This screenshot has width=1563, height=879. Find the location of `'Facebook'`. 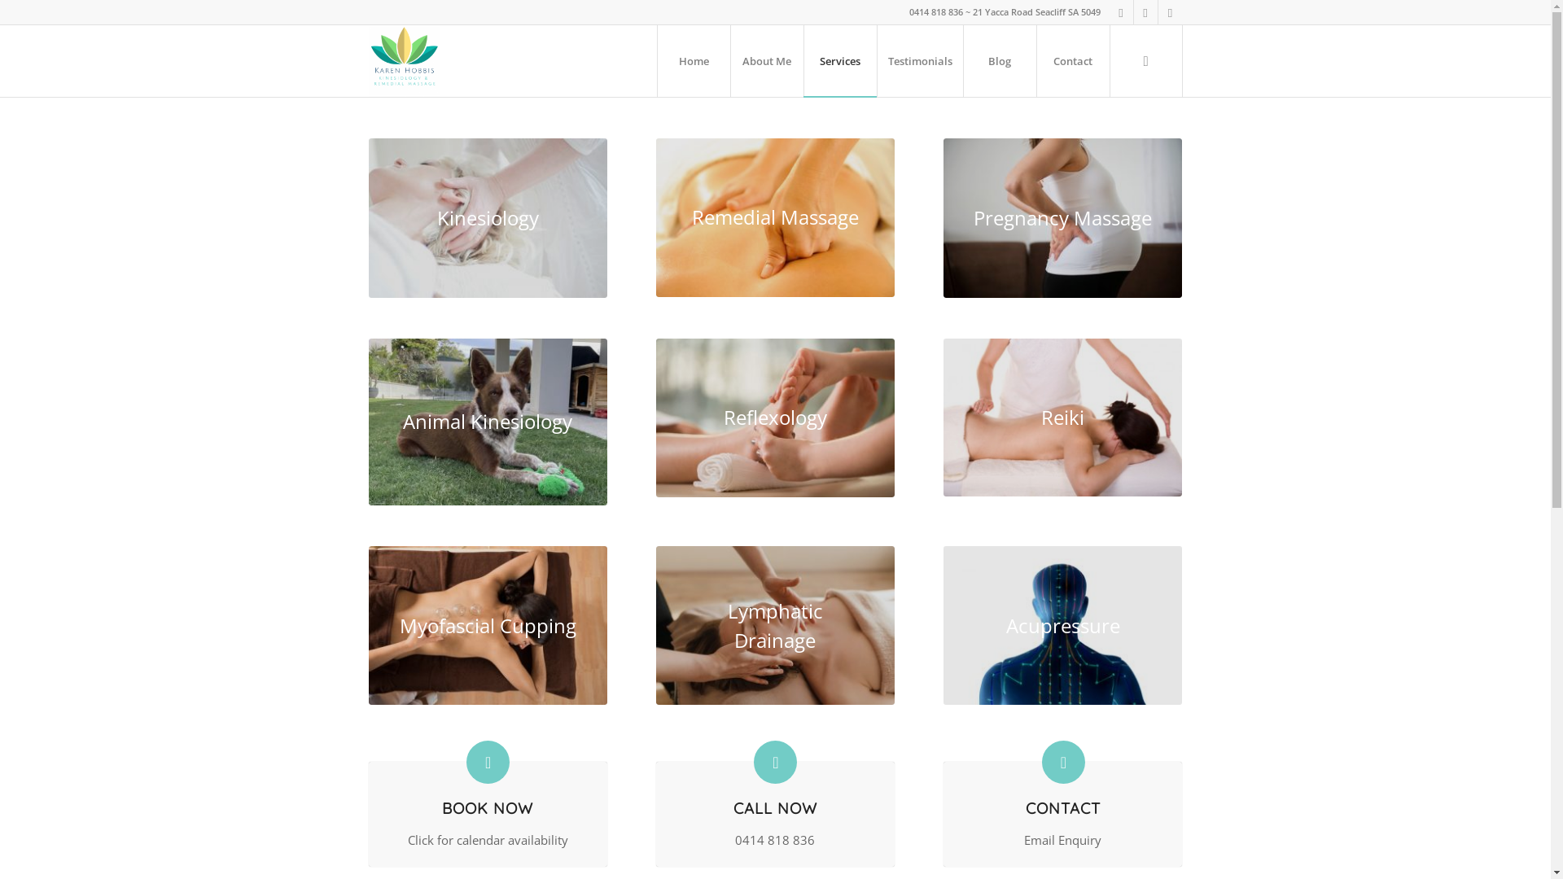

'Facebook' is located at coordinates (1119, 12).